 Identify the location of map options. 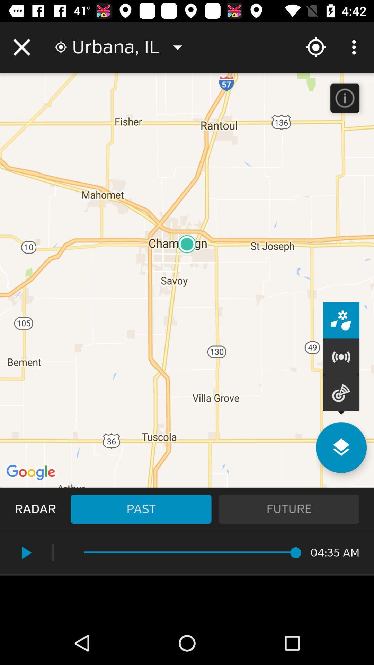
(341, 447).